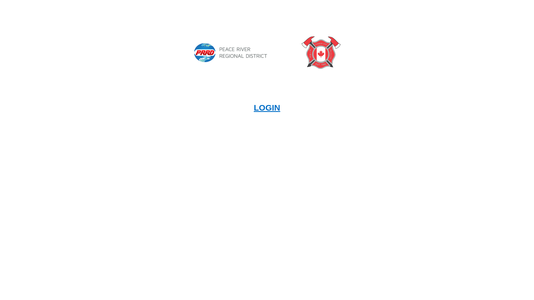  Describe the element at coordinates (266, 107) in the screenshot. I see `'LOGIN'` at that location.